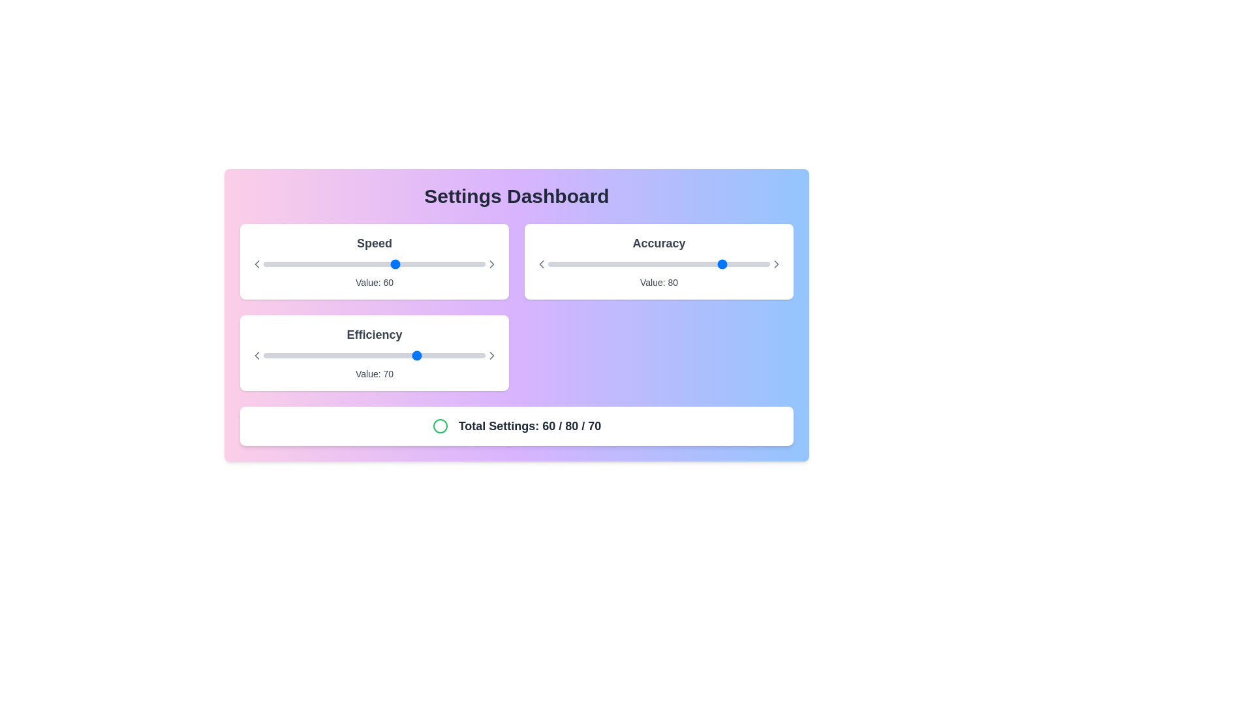  What do you see at coordinates (359, 264) in the screenshot?
I see `the speed slider` at bounding box center [359, 264].